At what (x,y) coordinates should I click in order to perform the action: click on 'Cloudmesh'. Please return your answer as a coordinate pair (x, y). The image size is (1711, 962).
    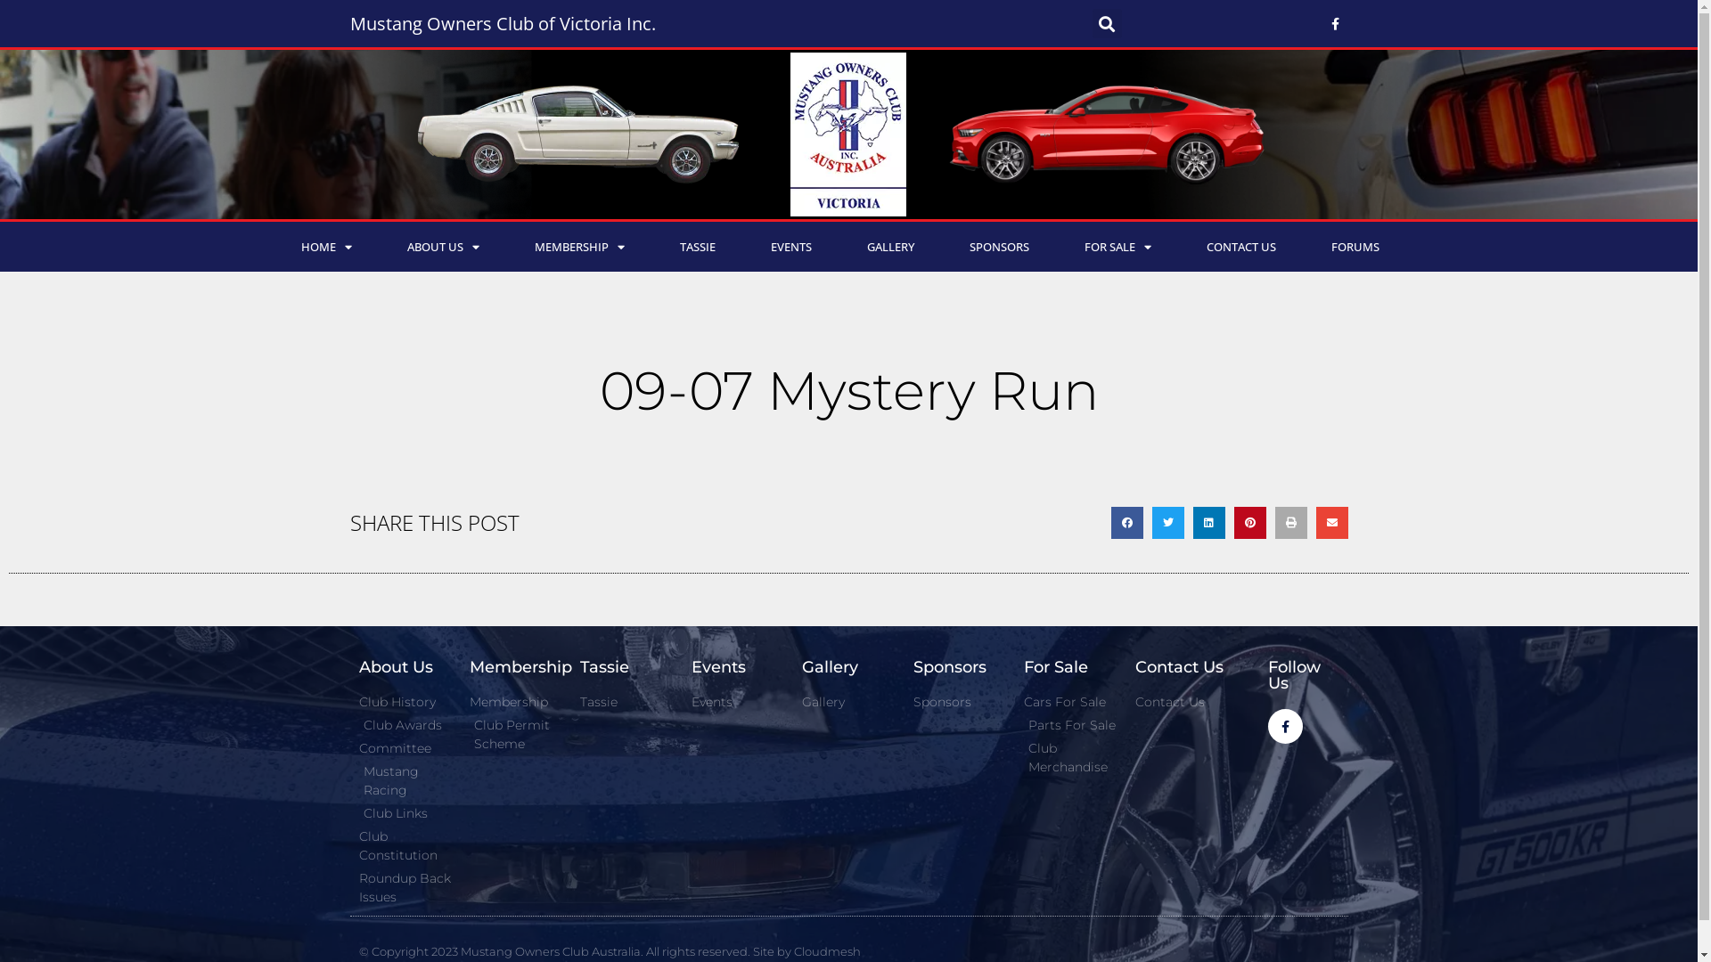
    Looking at the image, I should click on (825, 950).